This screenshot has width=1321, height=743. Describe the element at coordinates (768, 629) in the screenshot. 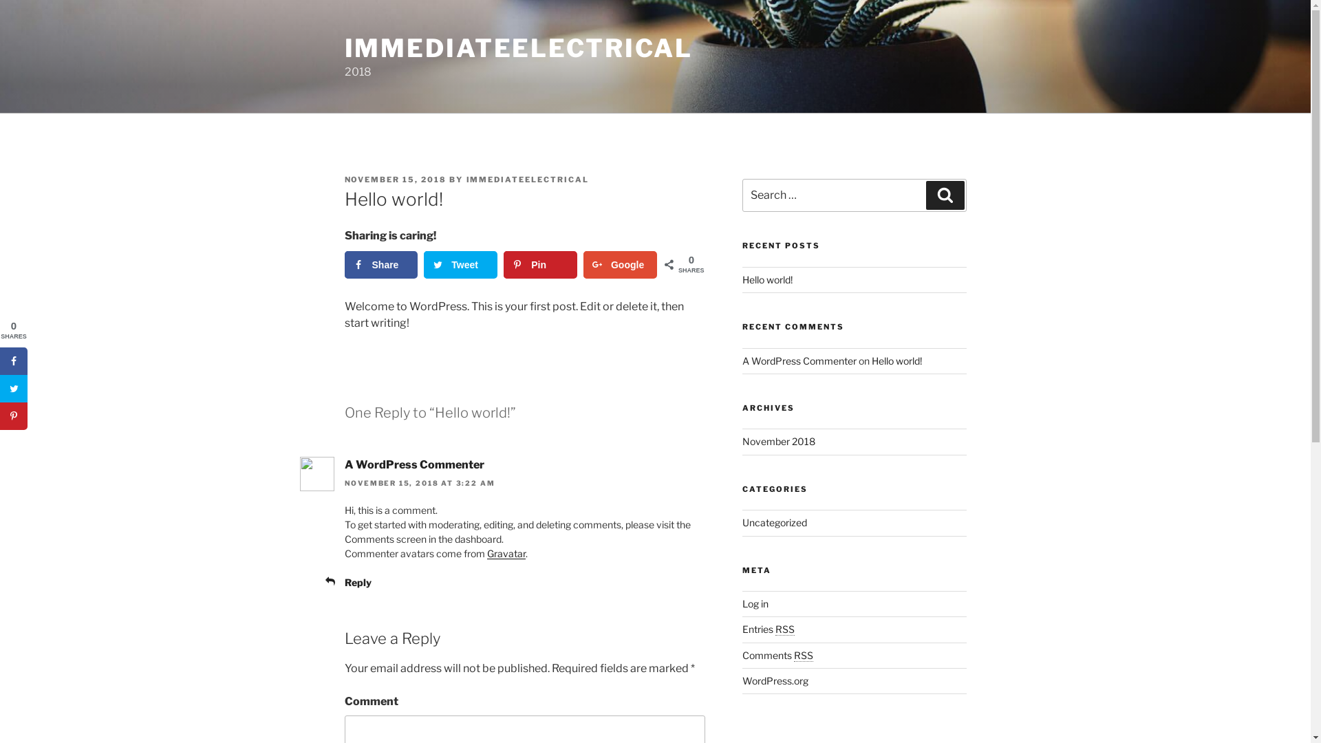

I see `'Entries RSS'` at that location.